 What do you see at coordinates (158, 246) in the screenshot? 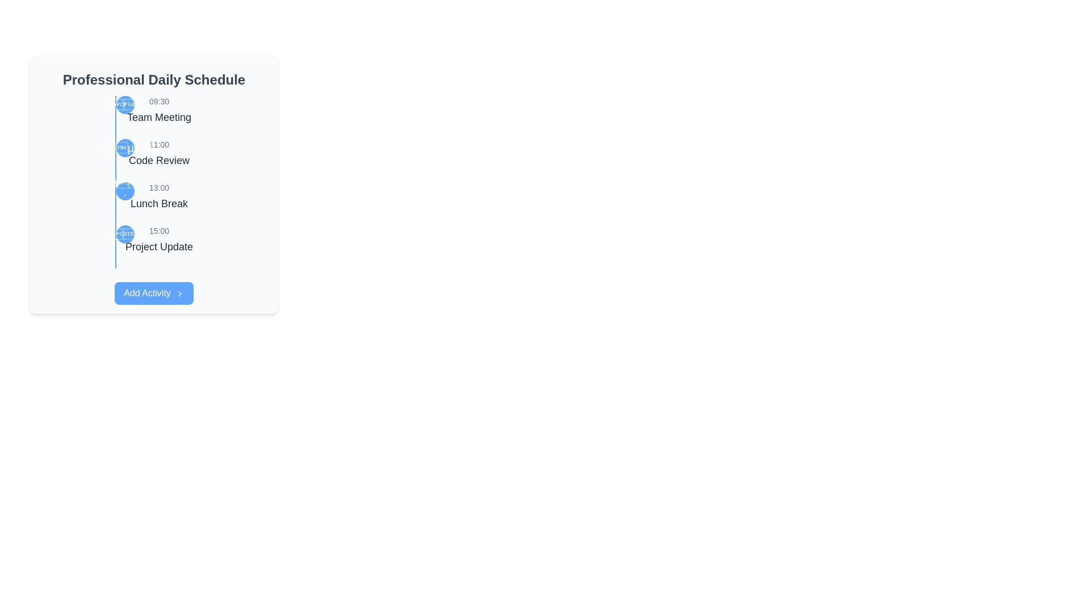
I see `the 'Project Update' text label, which displays in bold and dark gray, located below the time marker '15:00' in the 'Professional Daily Schedule' card` at bounding box center [158, 246].